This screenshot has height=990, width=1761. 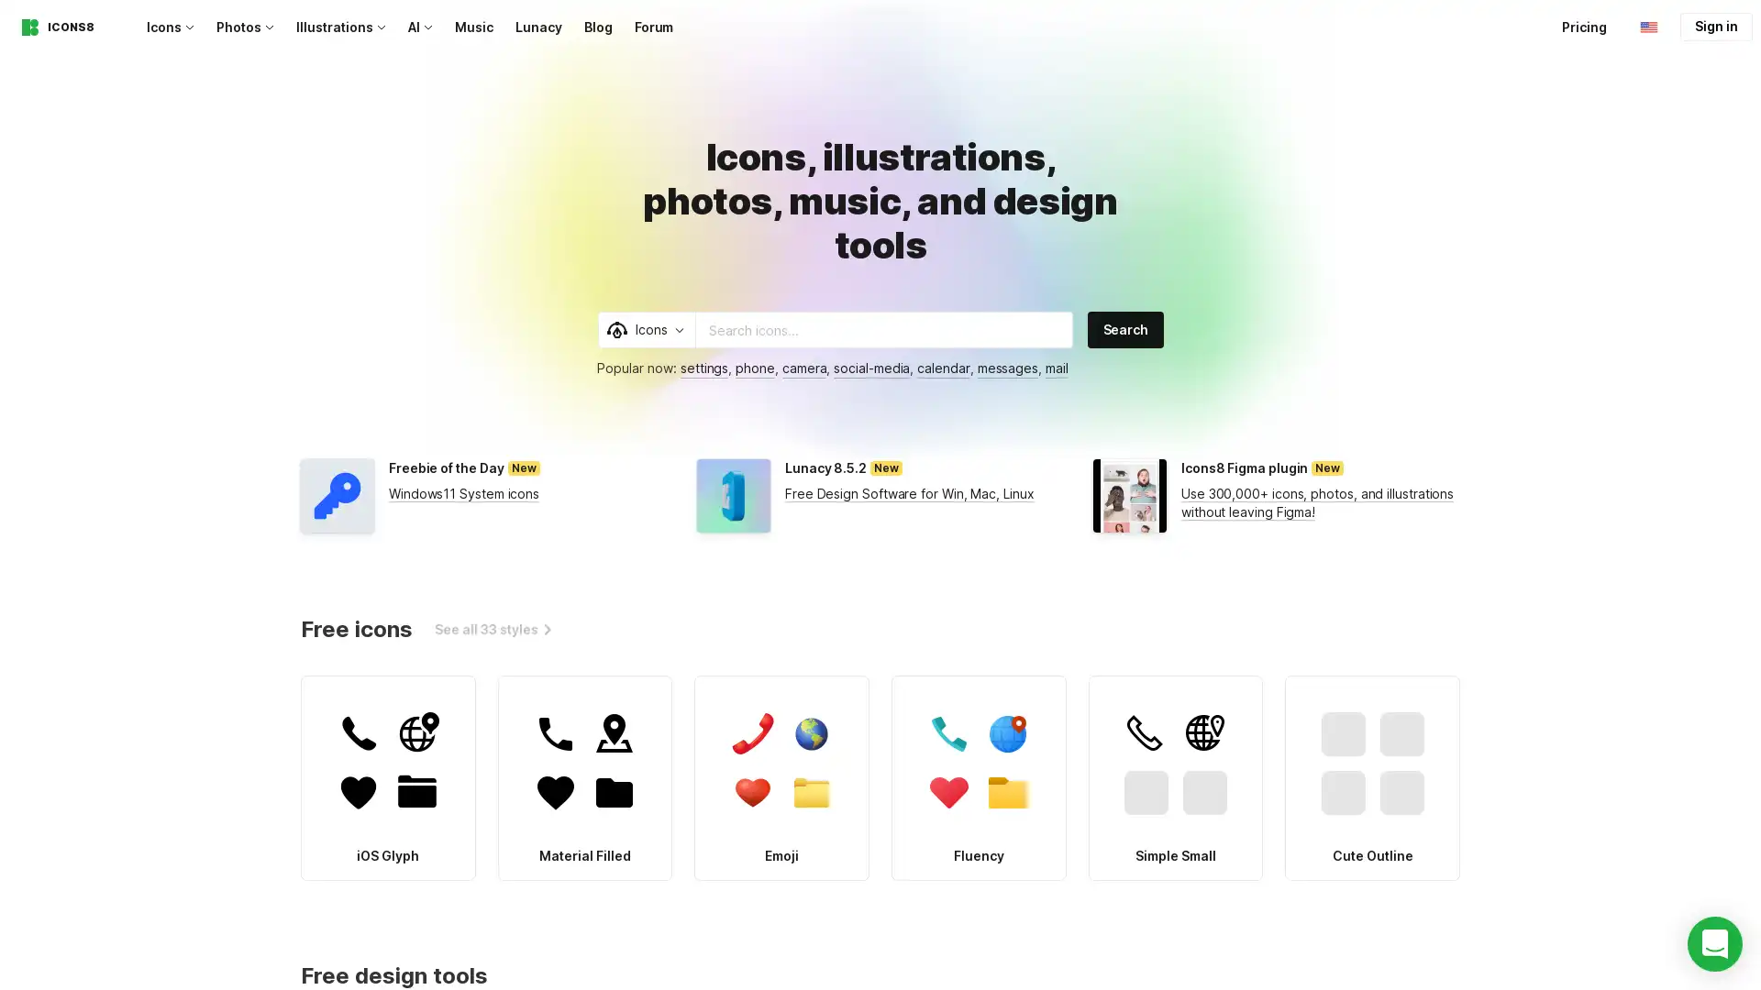 I want to click on Search, so click(x=1124, y=328).